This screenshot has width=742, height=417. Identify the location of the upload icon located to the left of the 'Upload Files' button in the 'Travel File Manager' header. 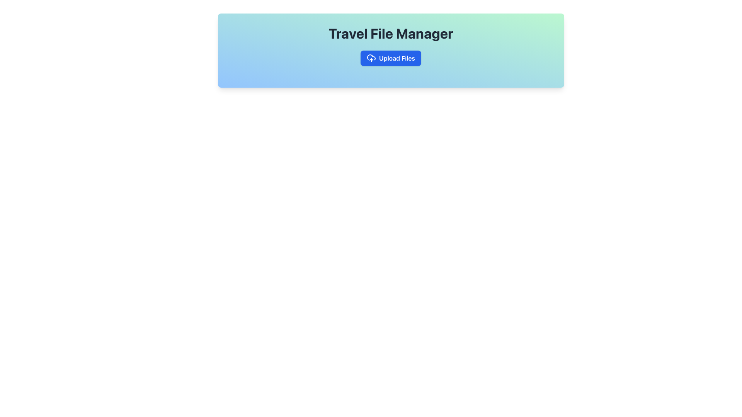
(371, 58).